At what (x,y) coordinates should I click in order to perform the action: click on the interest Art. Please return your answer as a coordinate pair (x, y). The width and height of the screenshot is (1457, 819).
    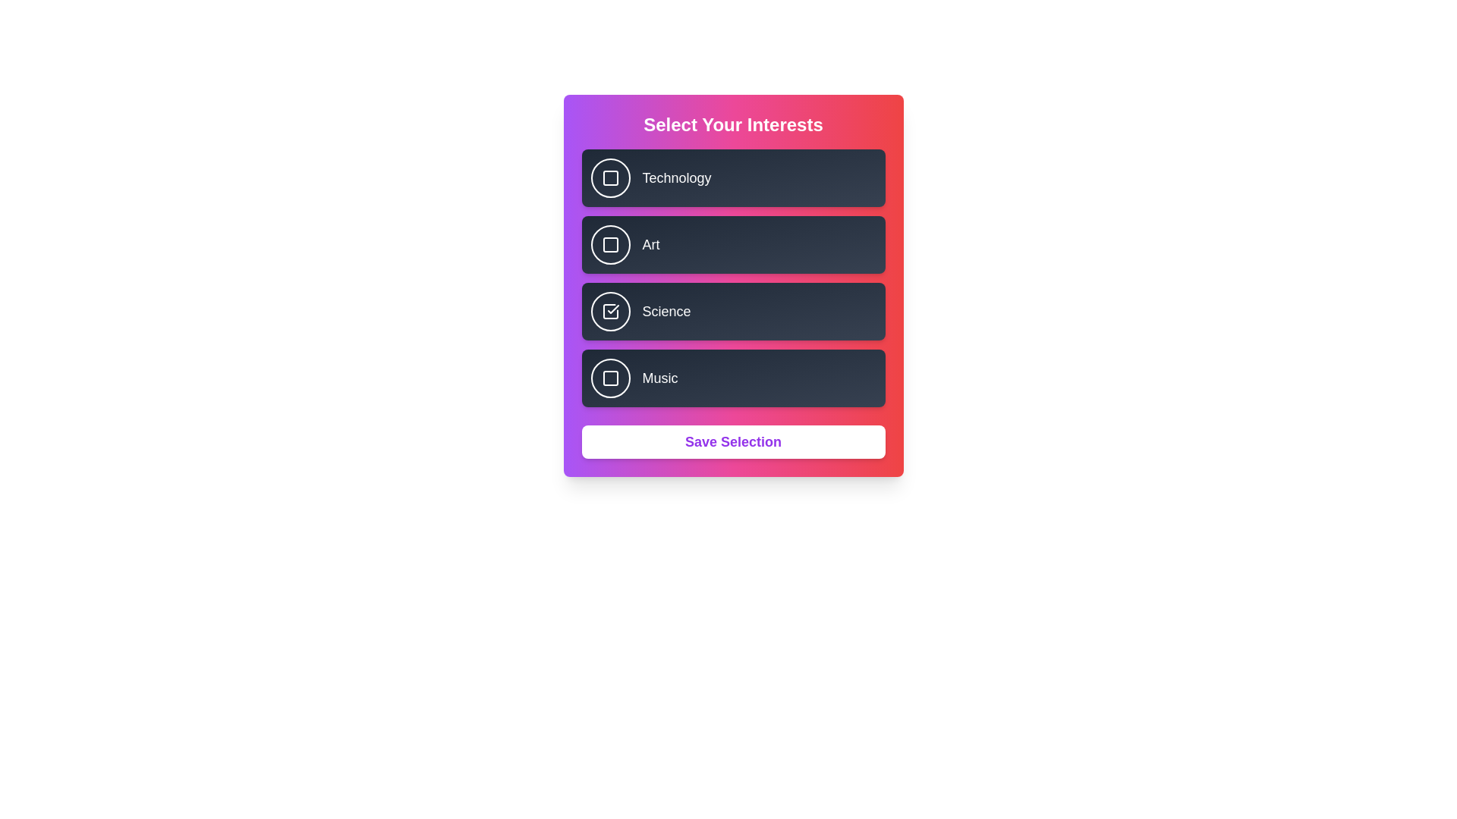
    Looking at the image, I should click on (610, 244).